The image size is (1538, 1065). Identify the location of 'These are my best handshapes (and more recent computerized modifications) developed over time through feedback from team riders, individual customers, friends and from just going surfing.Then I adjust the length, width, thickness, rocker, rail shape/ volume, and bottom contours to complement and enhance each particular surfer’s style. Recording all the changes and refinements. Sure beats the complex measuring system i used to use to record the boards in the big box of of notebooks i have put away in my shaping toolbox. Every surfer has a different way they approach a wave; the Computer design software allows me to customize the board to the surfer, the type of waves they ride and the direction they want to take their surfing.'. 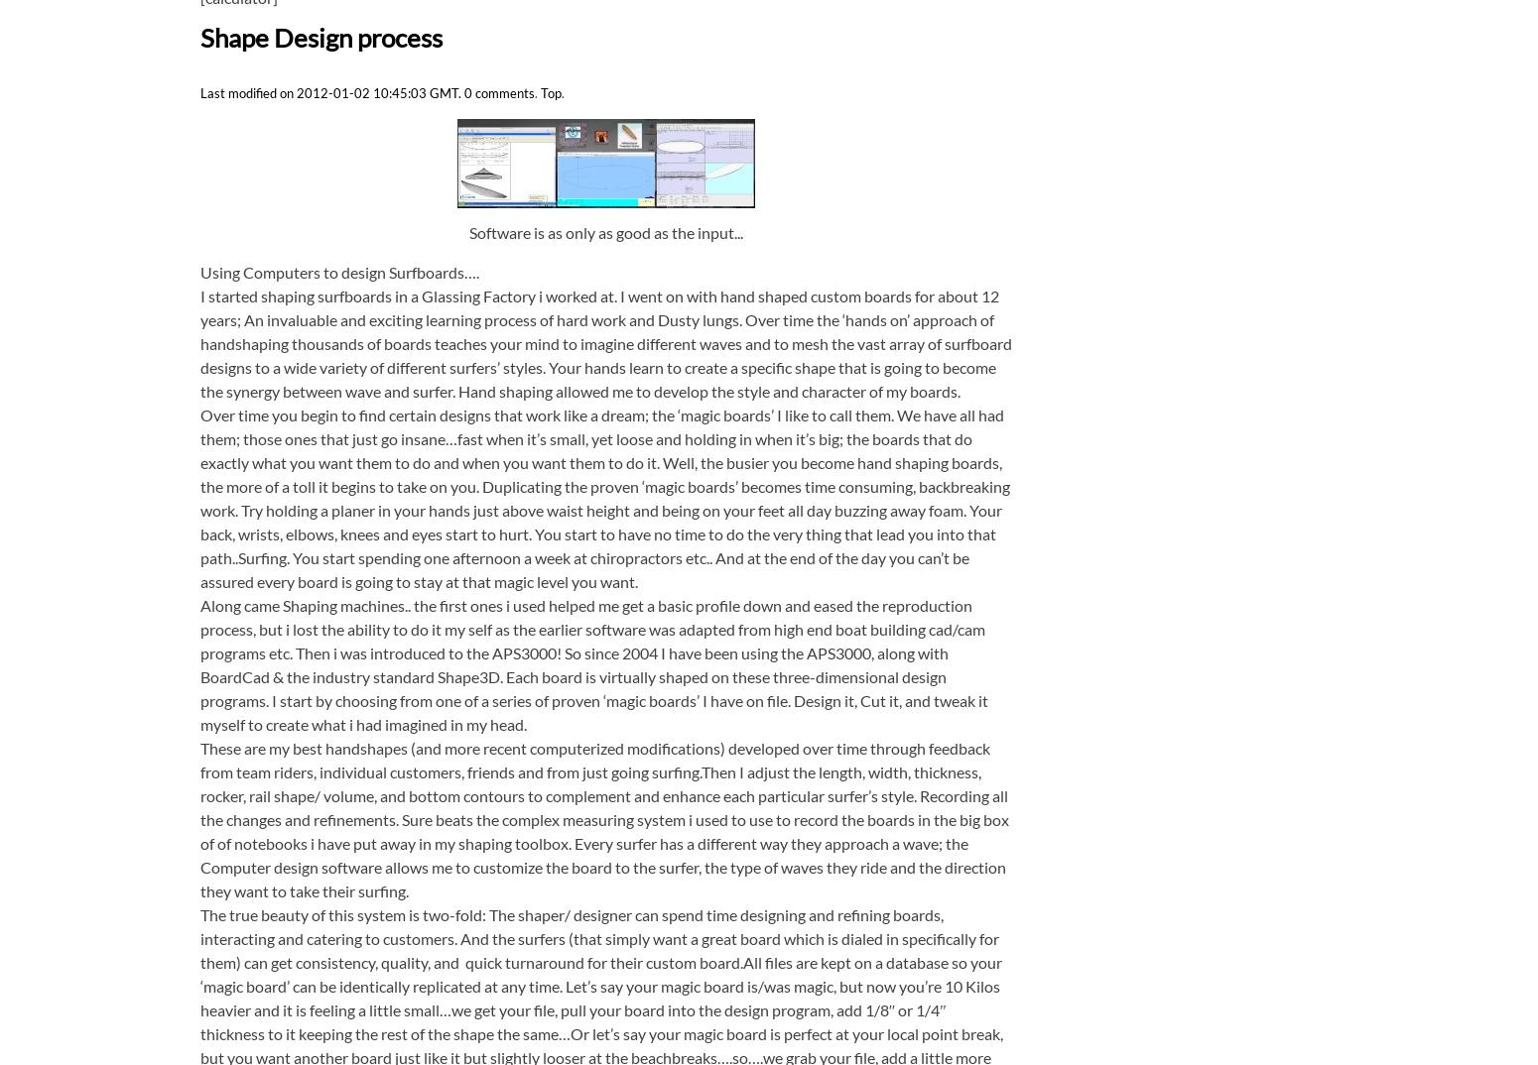
(603, 818).